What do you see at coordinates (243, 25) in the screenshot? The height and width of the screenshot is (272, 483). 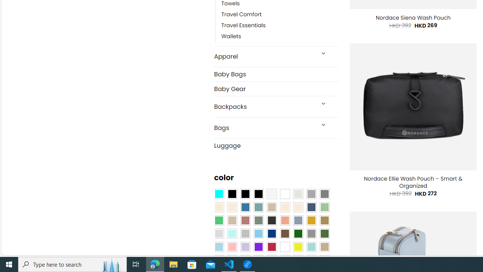 I see `'Travel Essentials'` at bounding box center [243, 25].